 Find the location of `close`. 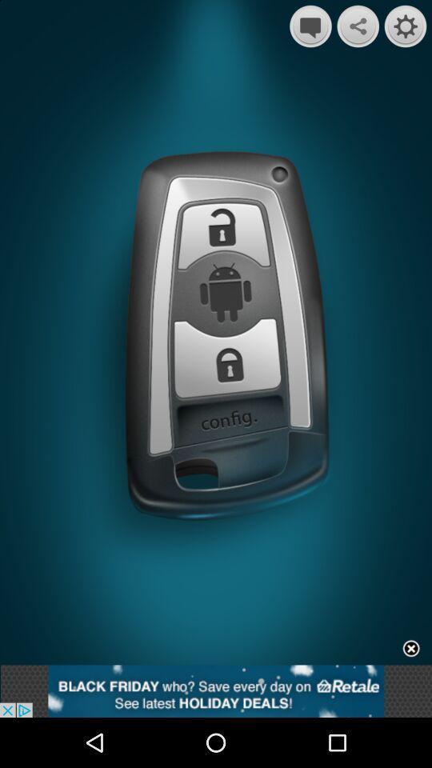

close is located at coordinates (411, 649).